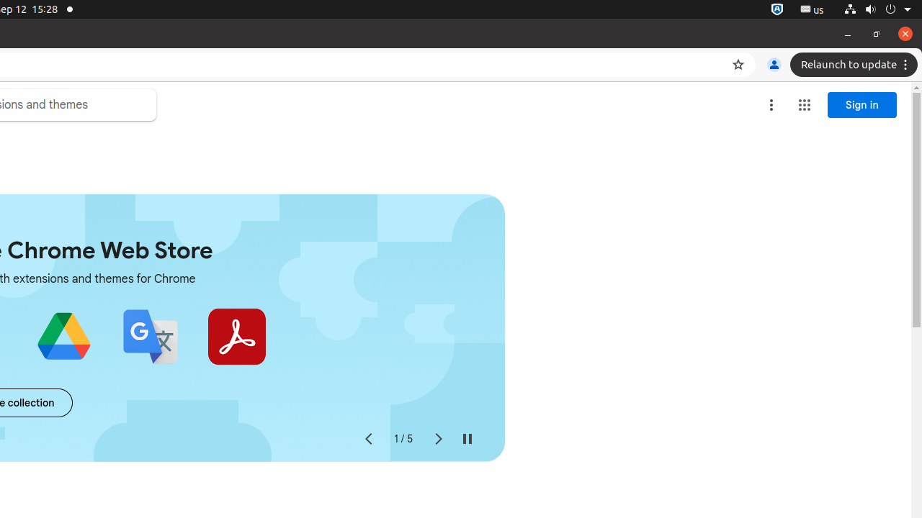 The image size is (922, 518). I want to click on 'Google Translate', so click(150, 337).